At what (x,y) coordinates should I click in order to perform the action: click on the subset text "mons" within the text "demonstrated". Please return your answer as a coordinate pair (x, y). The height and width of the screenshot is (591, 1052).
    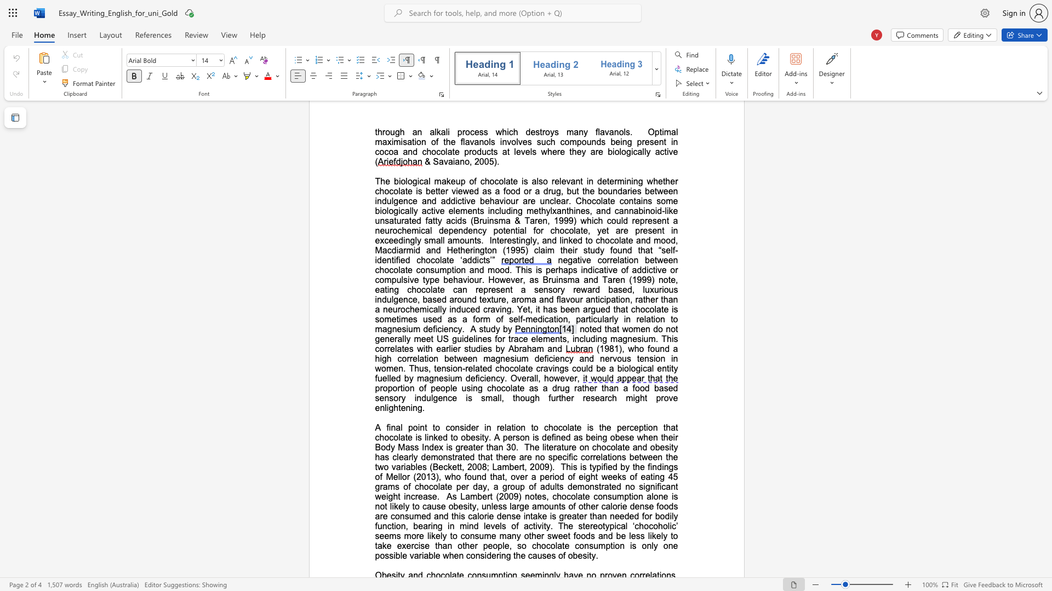
    Looking at the image, I should click on (576, 486).